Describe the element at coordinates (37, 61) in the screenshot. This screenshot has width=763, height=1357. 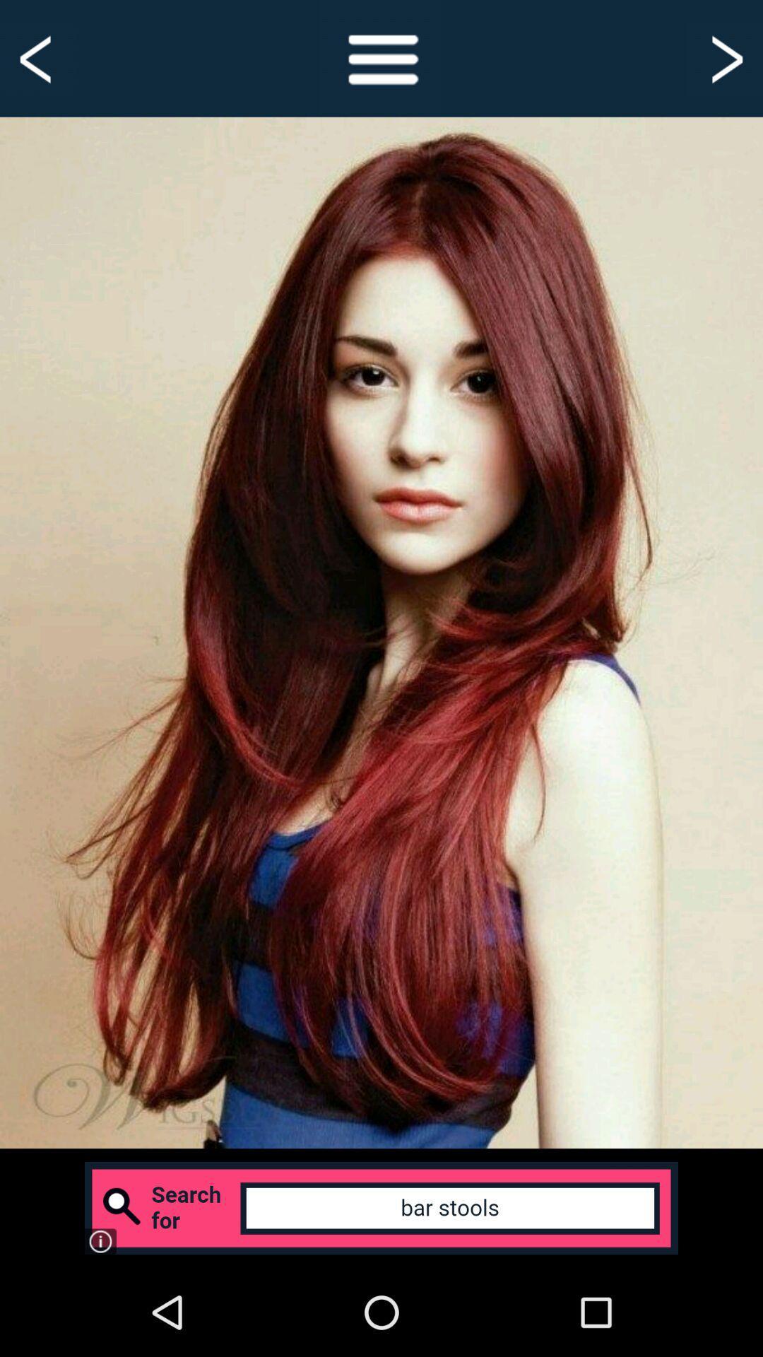
I see `the arrow_backward icon` at that location.